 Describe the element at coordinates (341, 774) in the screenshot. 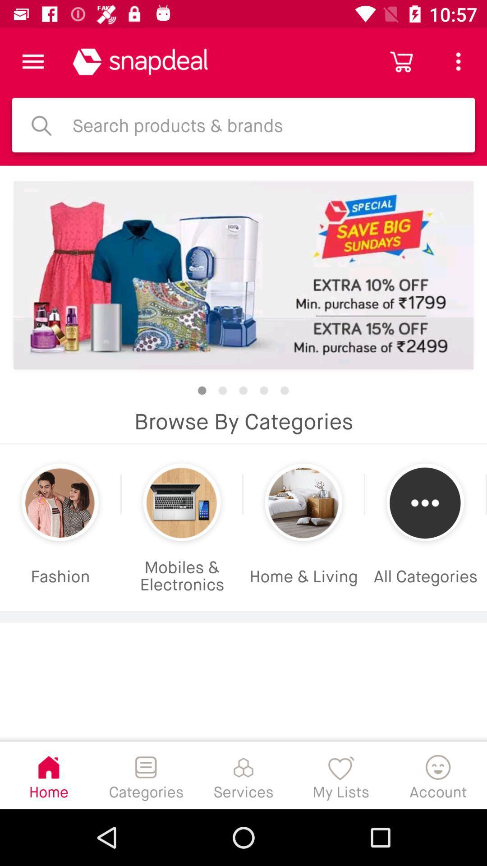

I see `the my lists icon` at that location.